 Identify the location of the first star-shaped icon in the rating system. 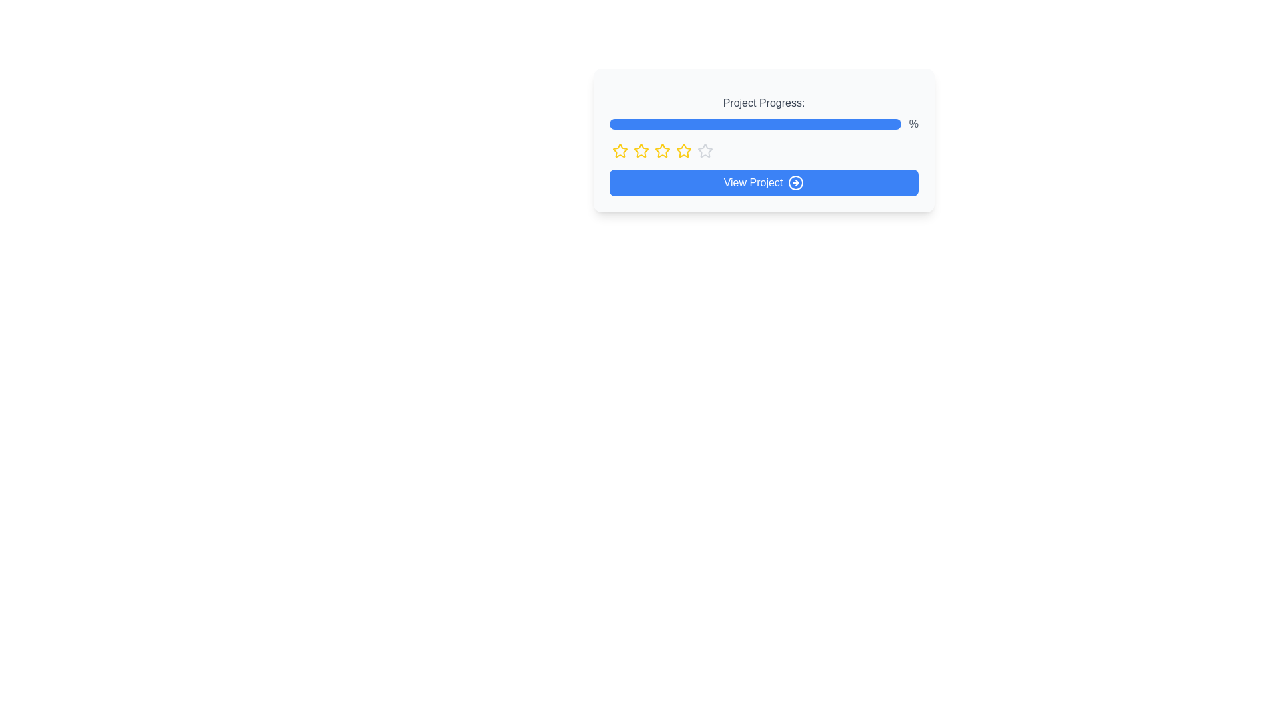
(620, 150).